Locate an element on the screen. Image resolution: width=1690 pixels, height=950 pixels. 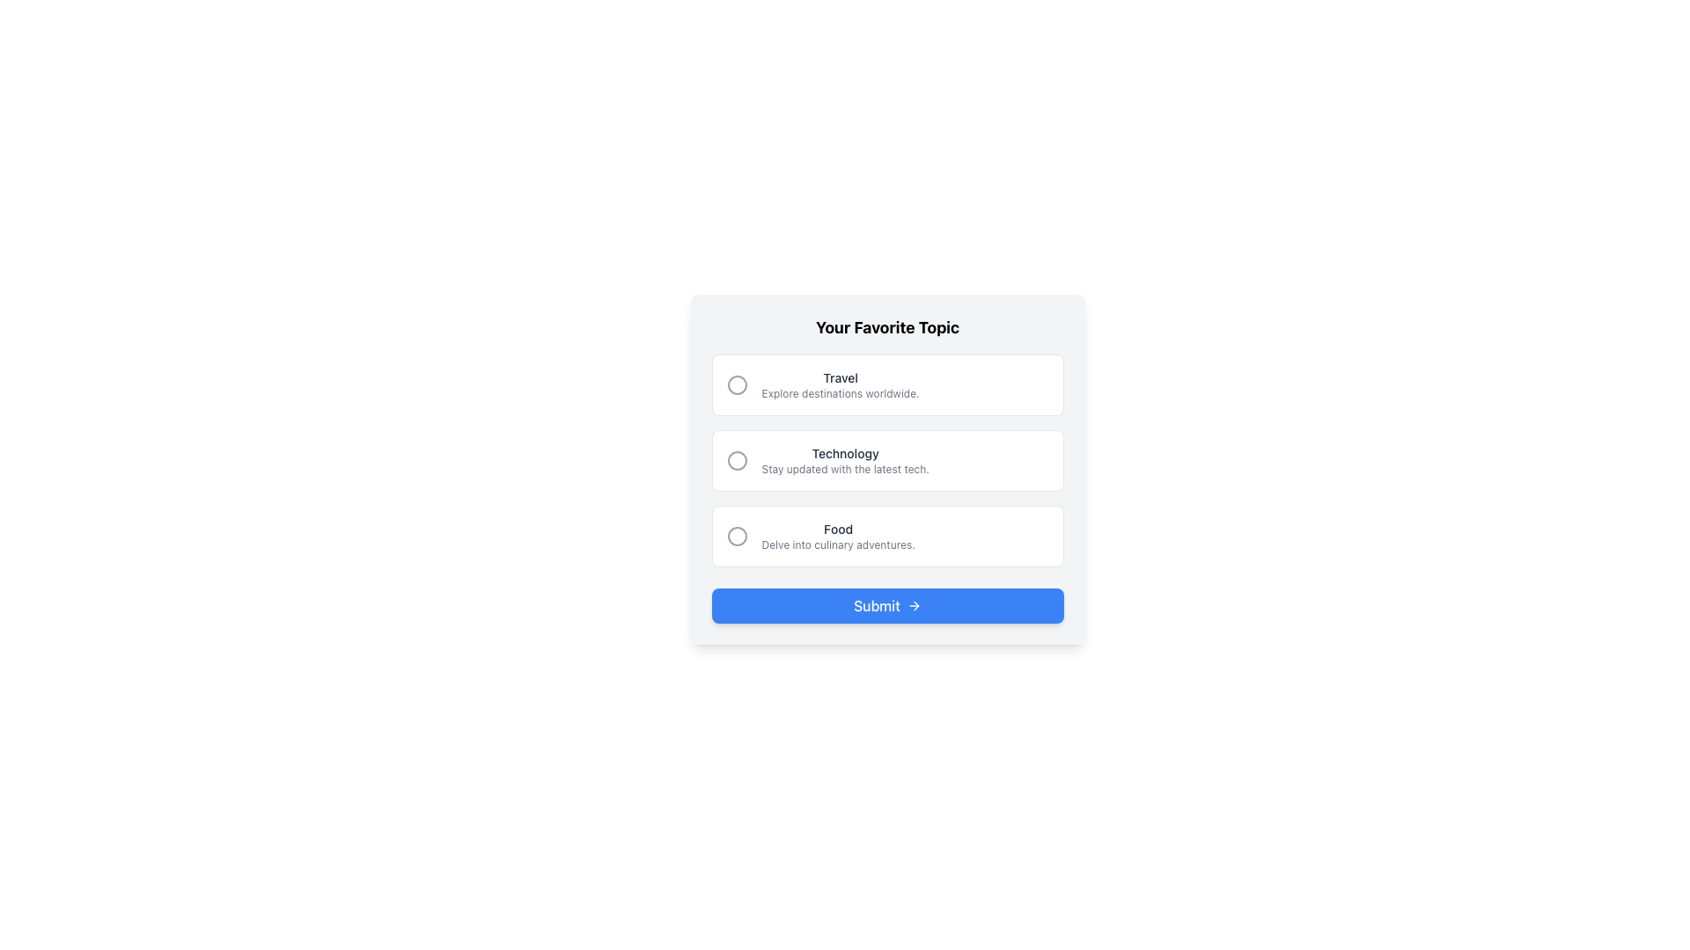
the descriptive text element located below the 'Technology' option, which provides additional context about the selection is located at coordinates (845, 468).